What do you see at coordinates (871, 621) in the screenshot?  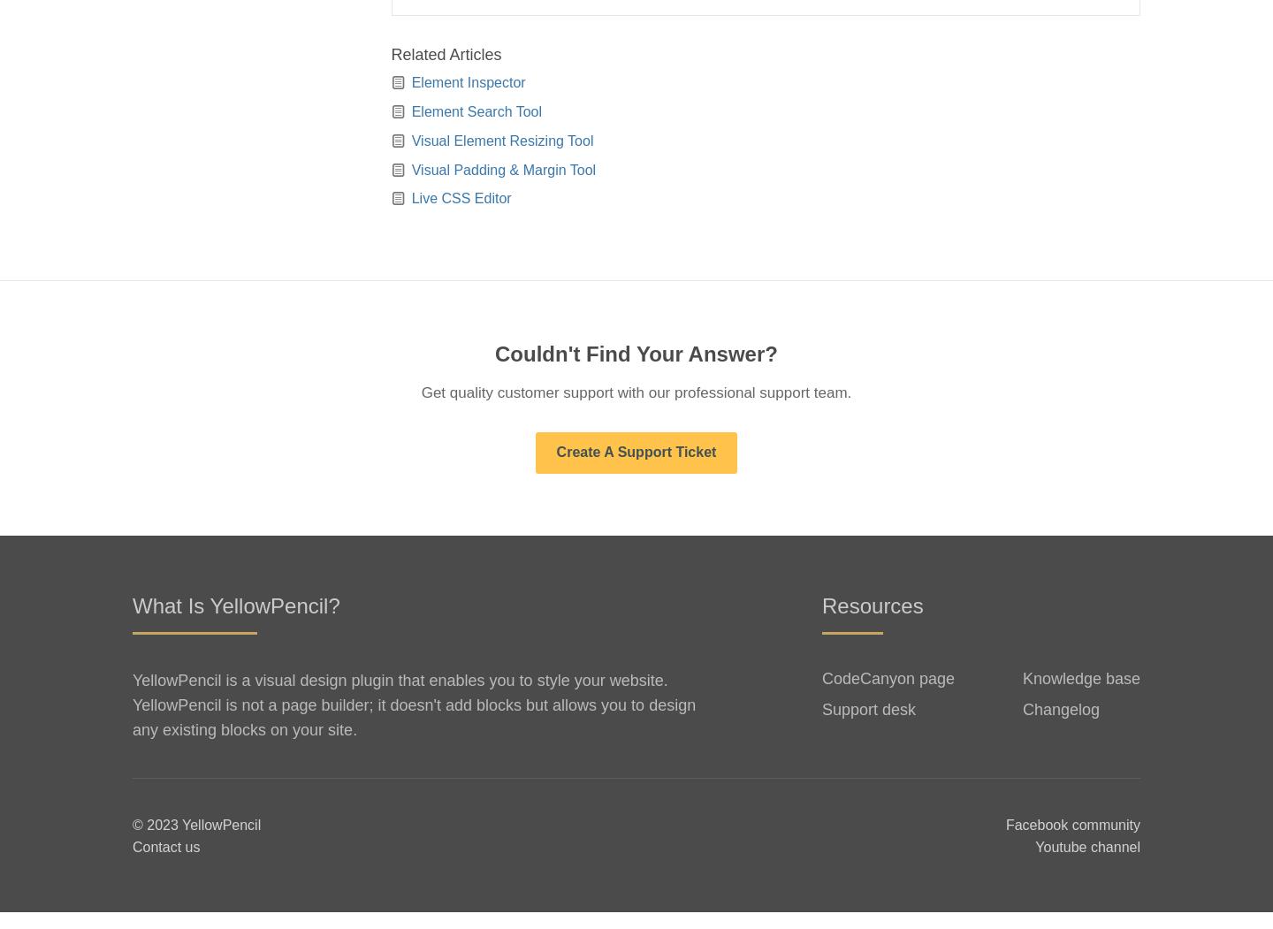 I see `'Resources'` at bounding box center [871, 621].